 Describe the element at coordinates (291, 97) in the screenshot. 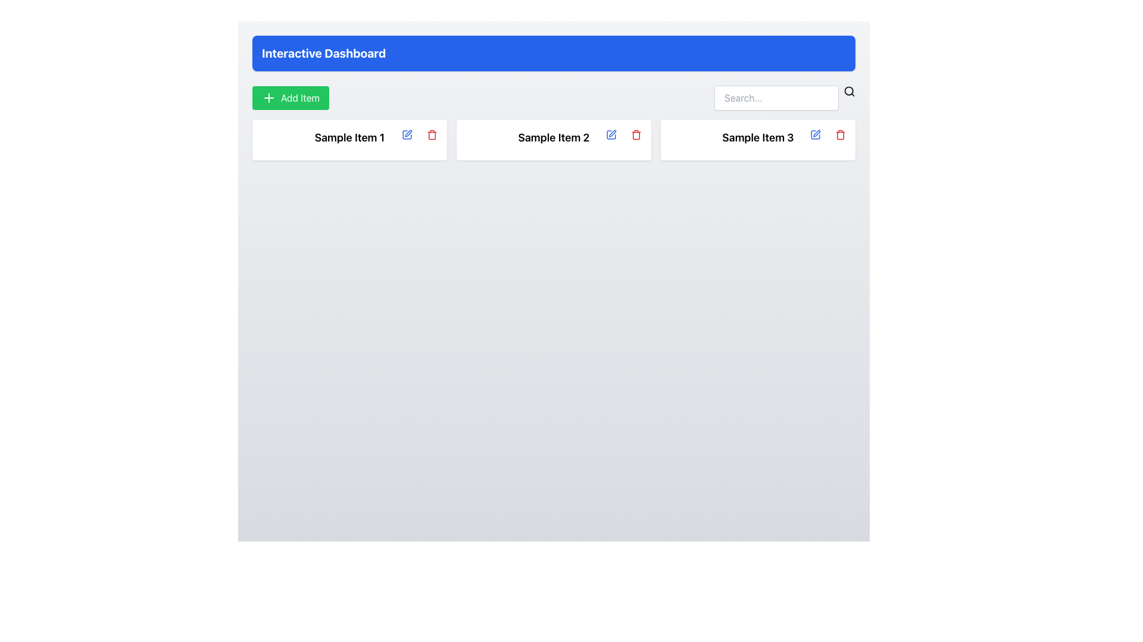

I see `the 'Add New Item' button located just below the blue header titled 'Interactive Dashboard'` at that location.